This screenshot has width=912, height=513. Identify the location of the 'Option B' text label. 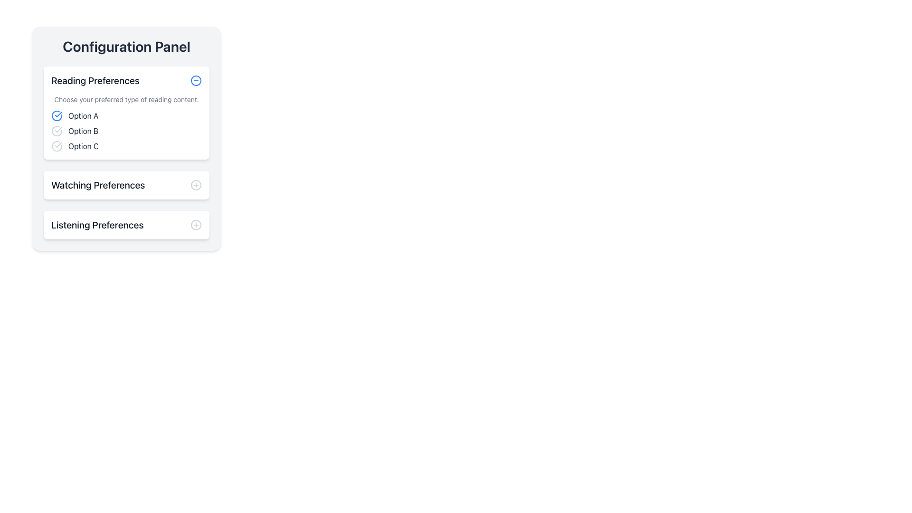
(83, 131).